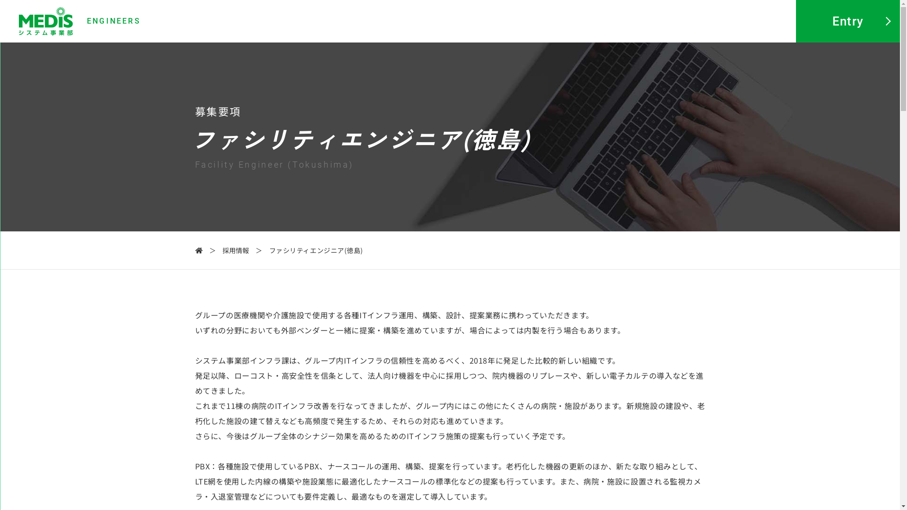 This screenshot has width=907, height=510. Describe the element at coordinates (795, 21) in the screenshot. I see `'Entry'` at that location.